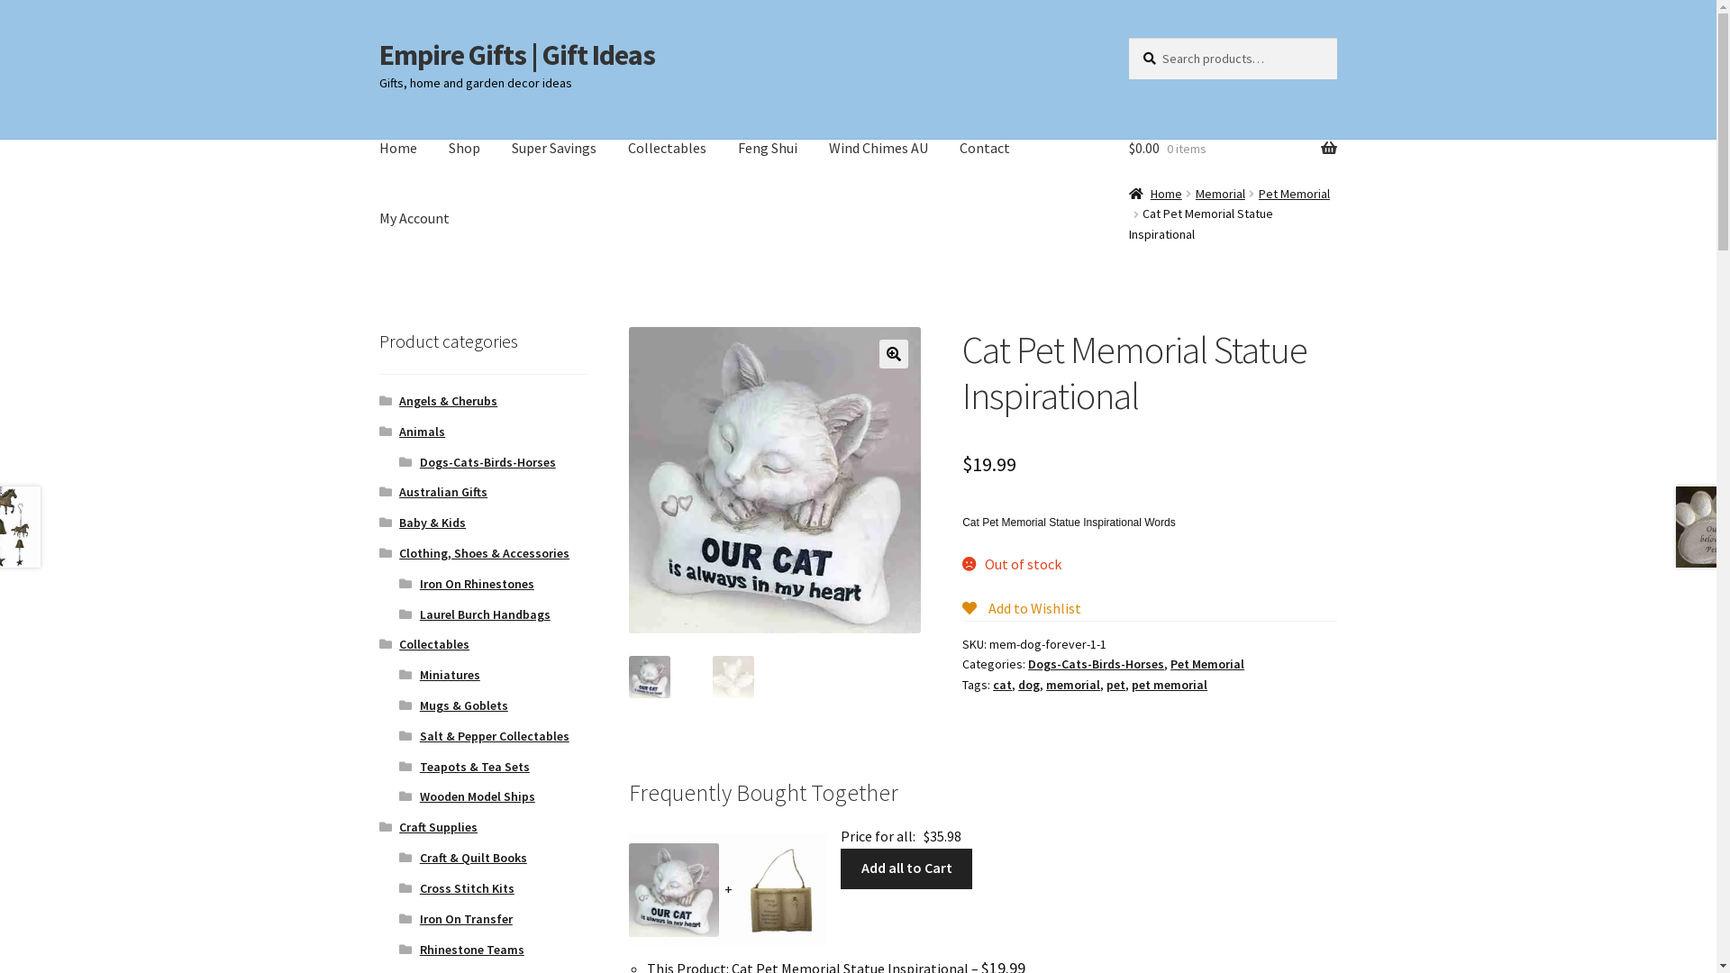  What do you see at coordinates (448, 399) in the screenshot?
I see `'Angels & Cherubs'` at bounding box center [448, 399].